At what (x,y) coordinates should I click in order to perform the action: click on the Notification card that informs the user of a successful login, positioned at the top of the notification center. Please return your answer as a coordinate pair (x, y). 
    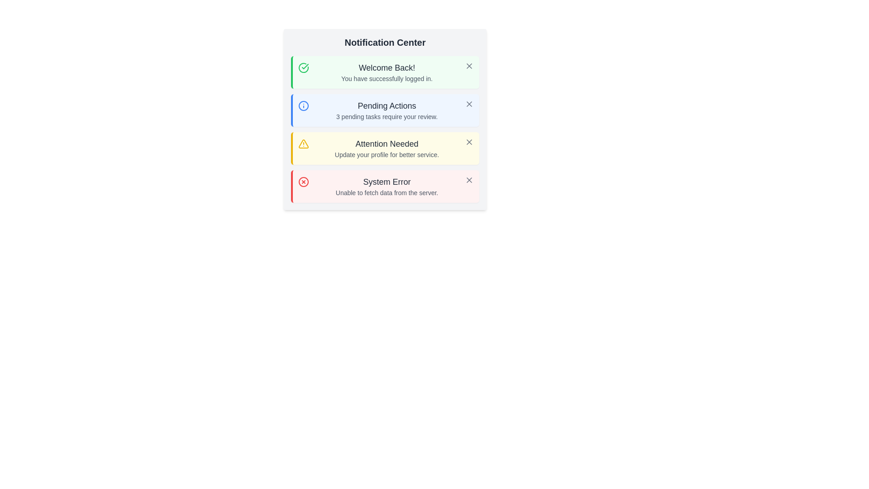
    Looking at the image, I should click on (385, 72).